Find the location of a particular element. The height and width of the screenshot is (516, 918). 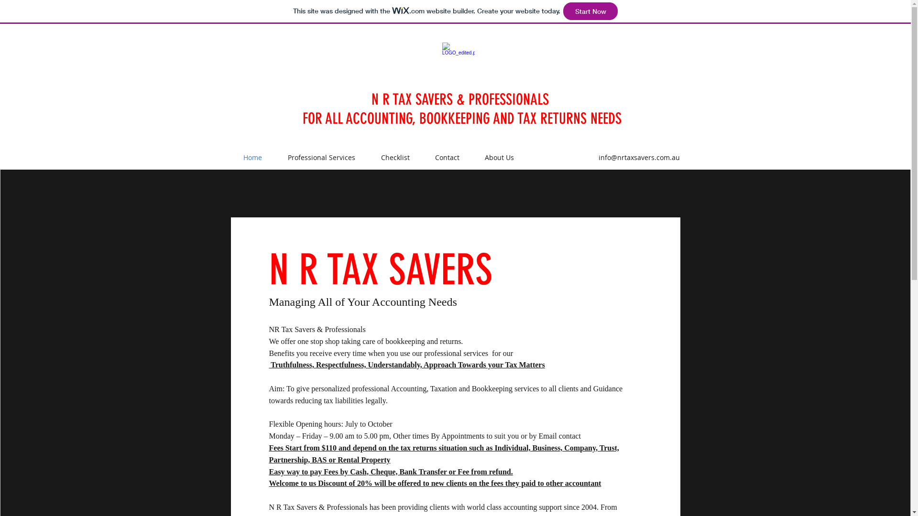

'Home' is located at coordinates (252, 157).